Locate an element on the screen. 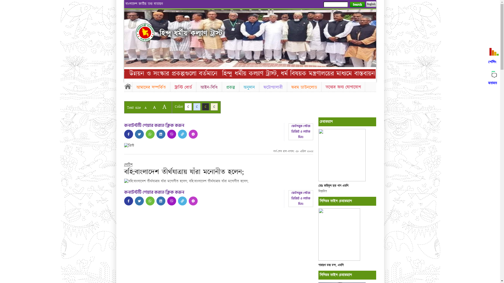  'C' is located at coordinates (214, 106).